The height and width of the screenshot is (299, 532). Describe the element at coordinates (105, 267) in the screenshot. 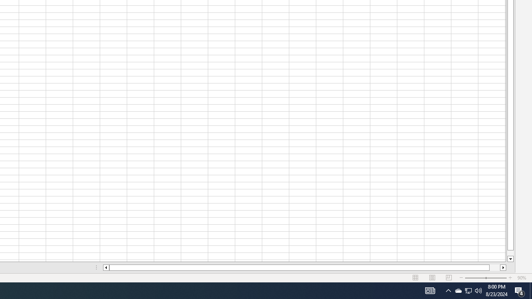

I see `'Column left'` at that location.